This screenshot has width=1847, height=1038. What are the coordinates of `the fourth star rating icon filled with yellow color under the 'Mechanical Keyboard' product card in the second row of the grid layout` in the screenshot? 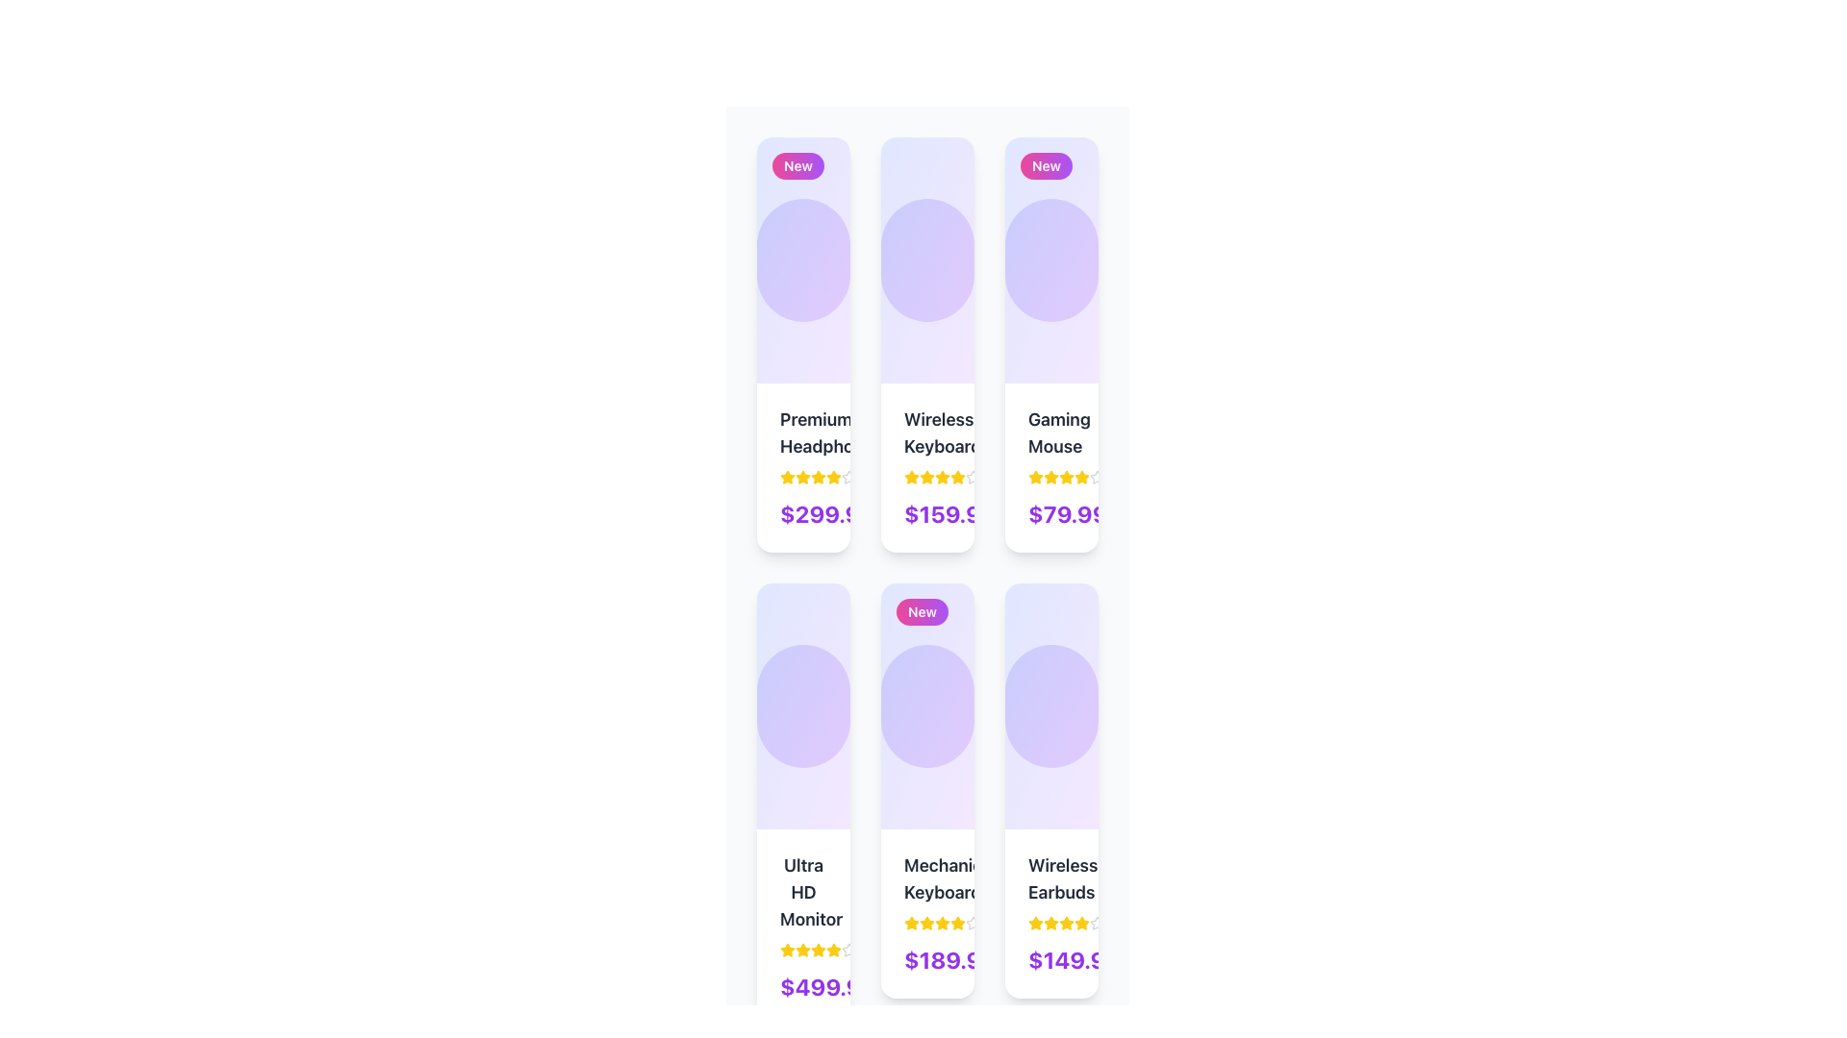 It's located at (942, 922).